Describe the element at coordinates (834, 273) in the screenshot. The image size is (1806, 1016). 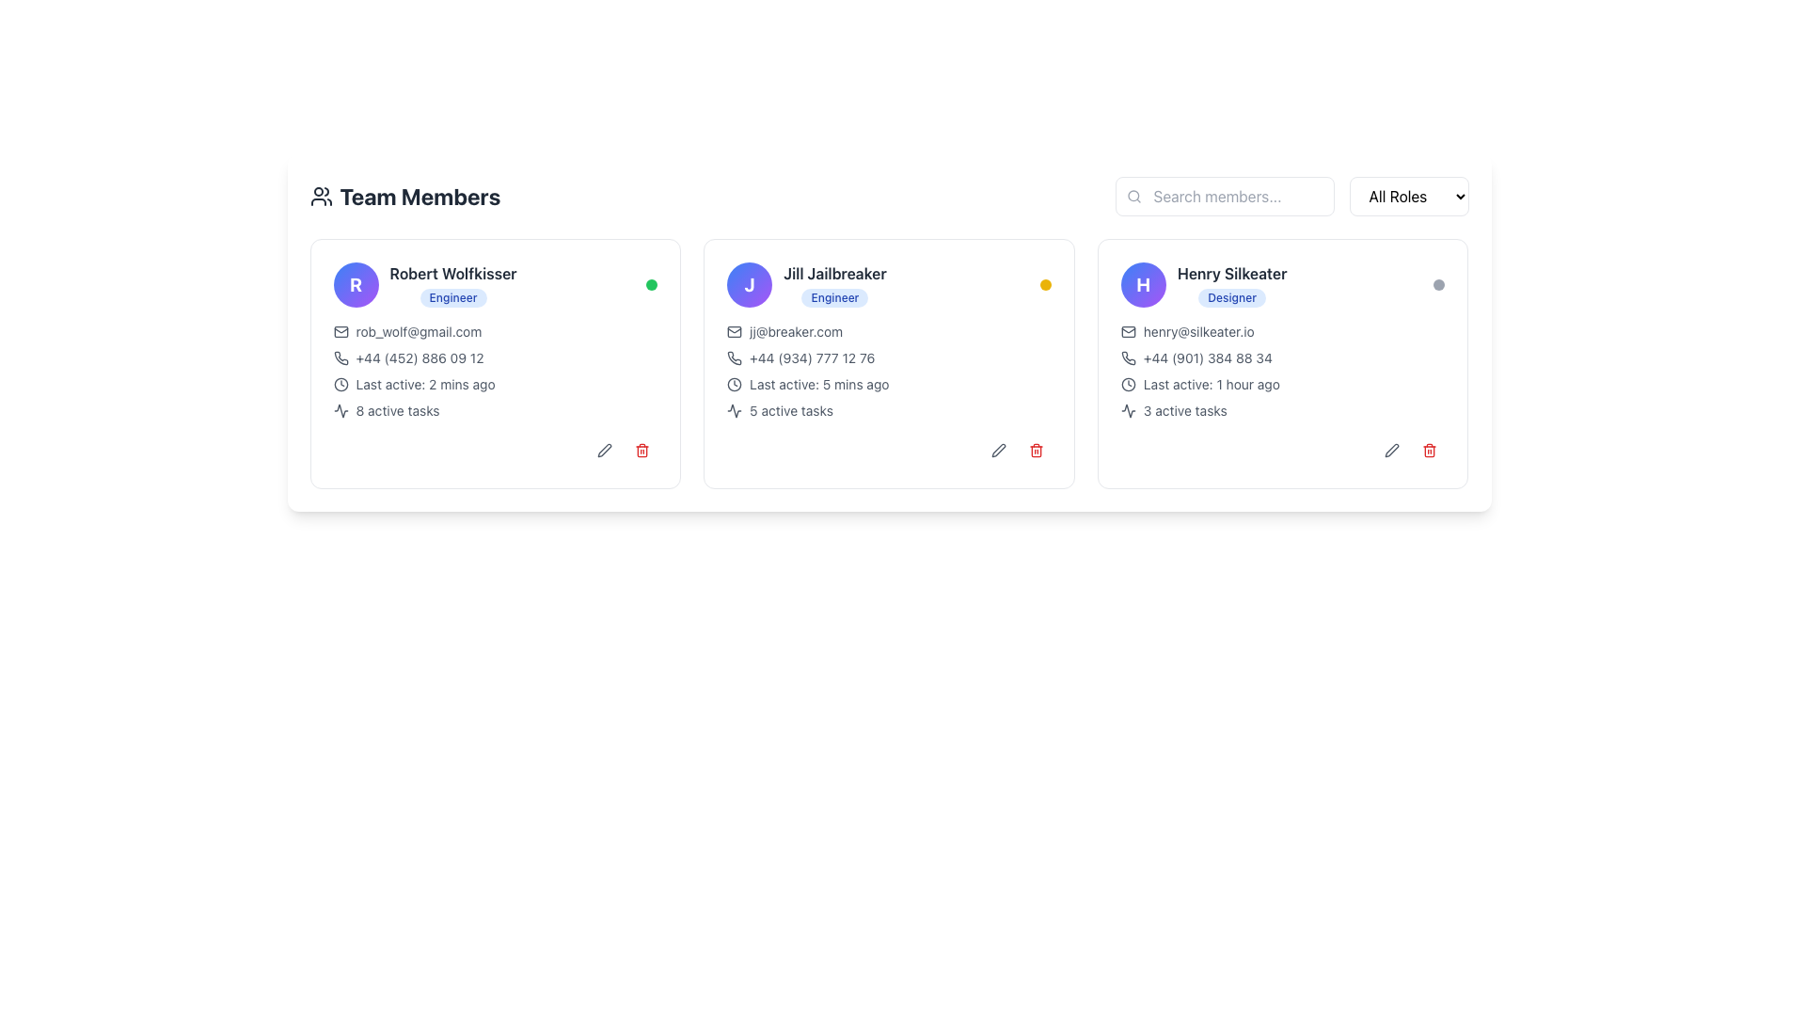
I see `the text label displaying 'Jill Jailbreaker', which is styled in bold and located at the top-left of the personal information card` at that location.